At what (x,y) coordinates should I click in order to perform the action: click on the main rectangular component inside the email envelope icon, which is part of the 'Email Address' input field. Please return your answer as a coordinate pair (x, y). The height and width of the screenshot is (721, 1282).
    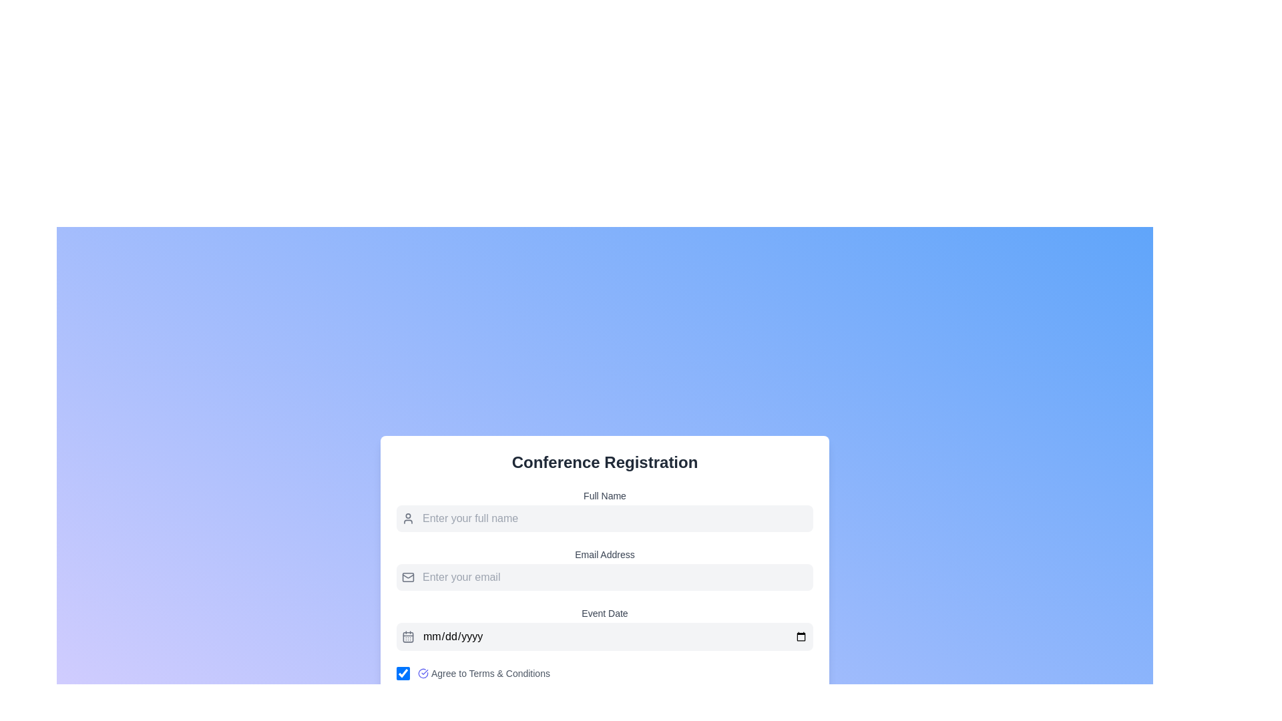
    Looking at the image, I should click on (407, 576).